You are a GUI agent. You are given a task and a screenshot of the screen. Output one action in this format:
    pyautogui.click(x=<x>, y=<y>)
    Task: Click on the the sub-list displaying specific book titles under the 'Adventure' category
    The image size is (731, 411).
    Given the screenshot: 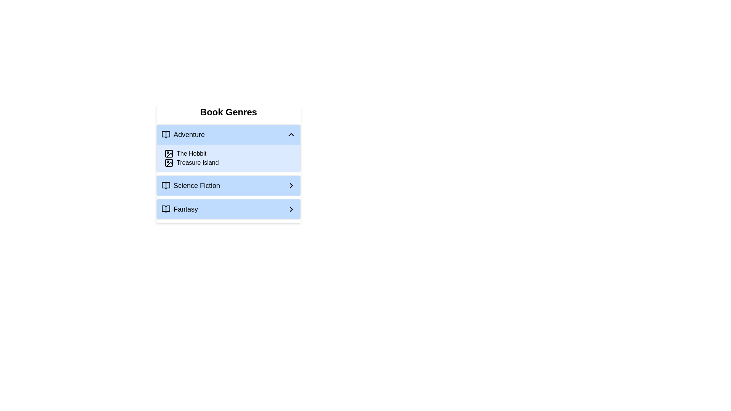 What is the action you would take?
    pyautogui.click(x=228, y=158)
    